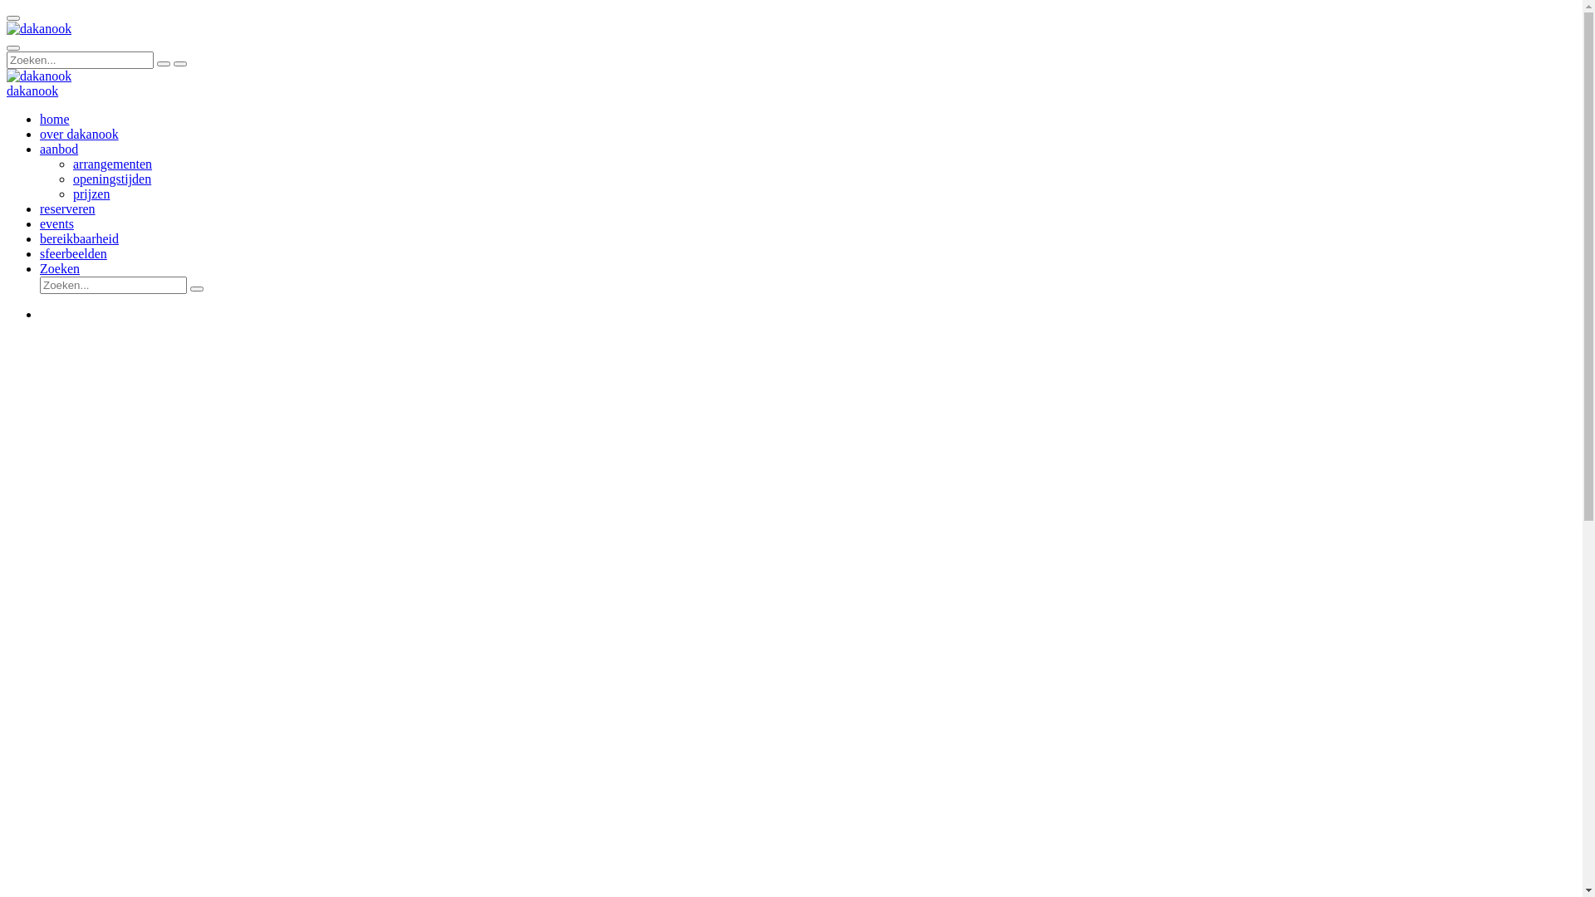 Image resolution: width=1595 pixels, height=897 pixels. I want to click on 'sfeerbeelden', so click(72, 253).